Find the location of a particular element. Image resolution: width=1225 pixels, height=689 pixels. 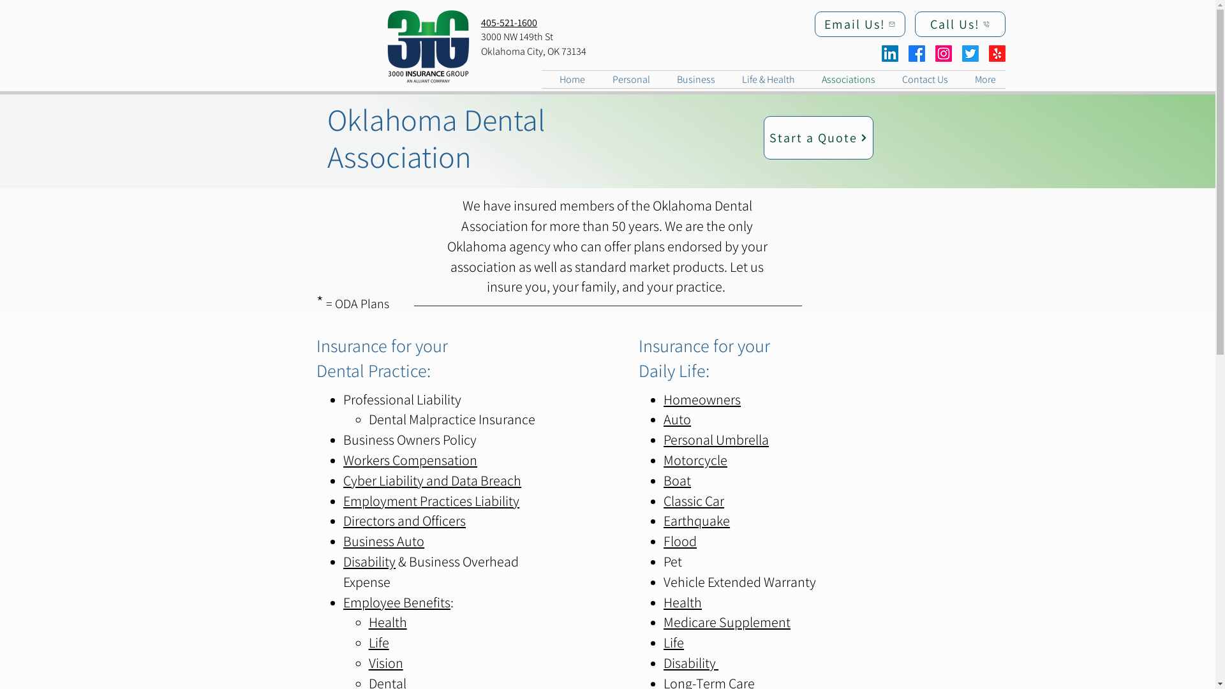

'Disability ' is located at coordinates (690, 662).